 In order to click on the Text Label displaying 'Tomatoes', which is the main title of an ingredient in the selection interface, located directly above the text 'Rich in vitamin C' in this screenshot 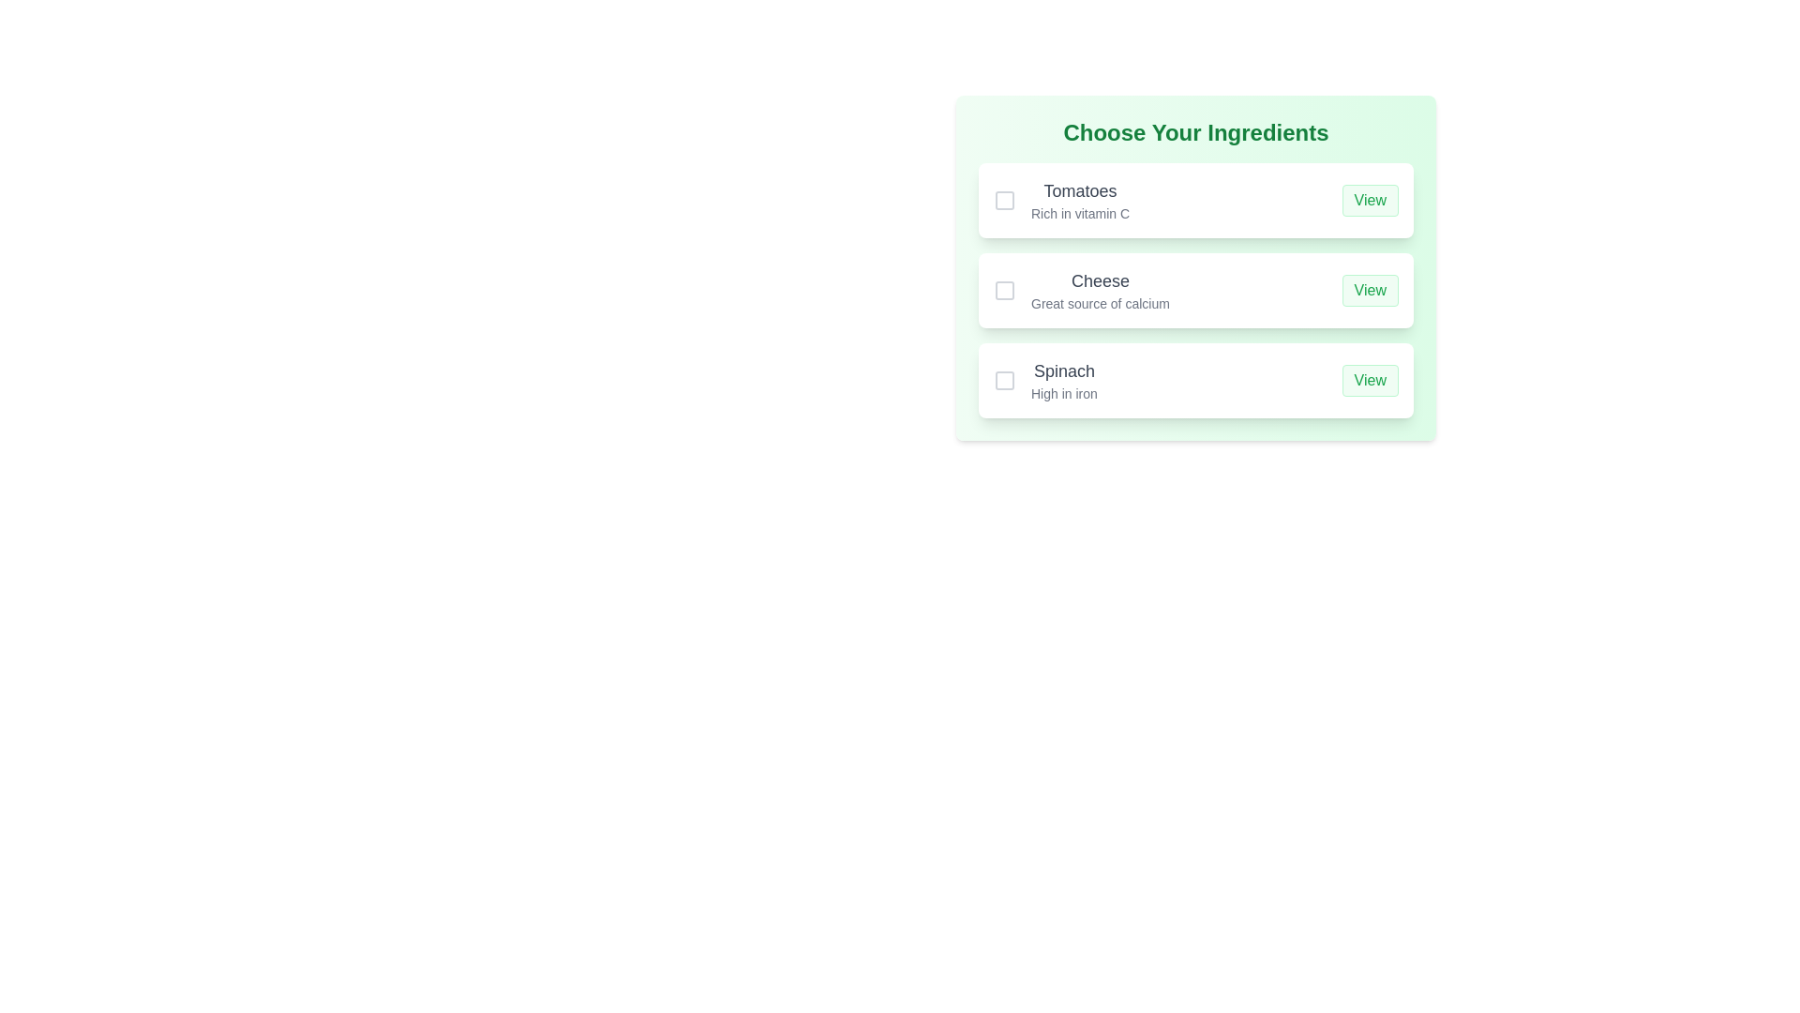, I will do `click(1080, 191)`.